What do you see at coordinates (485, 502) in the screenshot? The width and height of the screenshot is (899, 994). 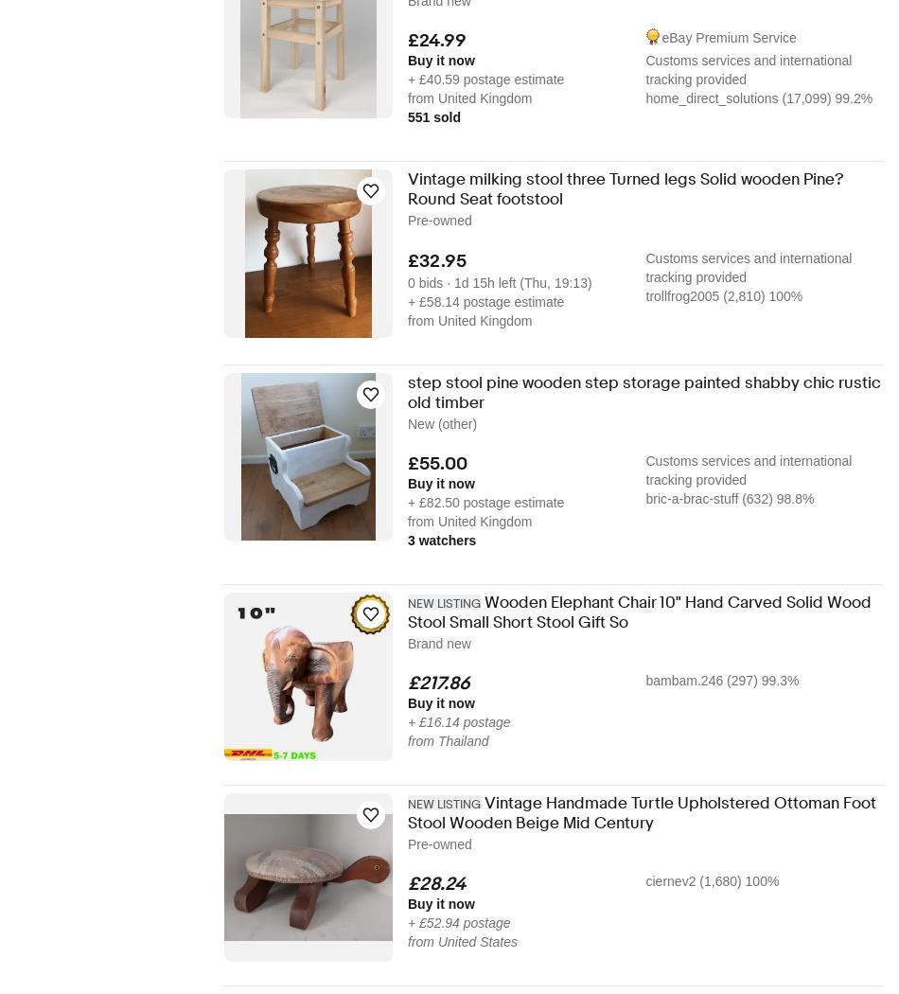 I see `'+ £82.50 postage estimate'` at bounding box center [485, 502].